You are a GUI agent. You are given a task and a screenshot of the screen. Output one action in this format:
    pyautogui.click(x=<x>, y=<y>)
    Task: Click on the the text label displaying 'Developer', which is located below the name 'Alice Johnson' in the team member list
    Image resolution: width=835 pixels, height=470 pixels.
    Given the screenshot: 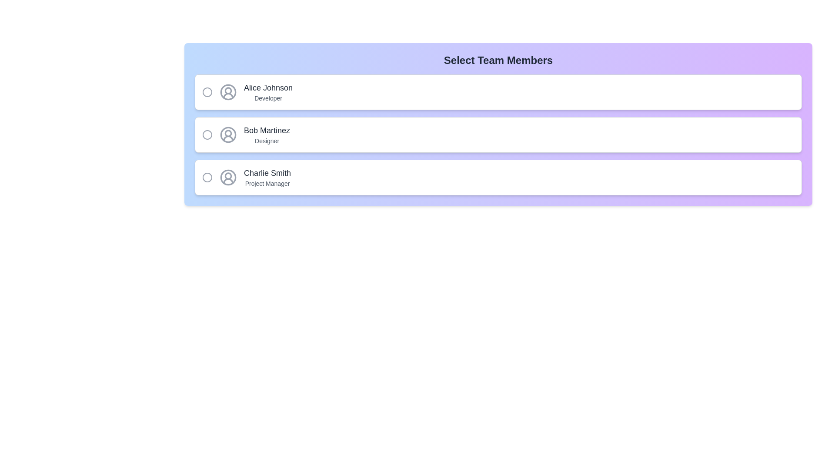 What is the action you would take?
    pyautogui.click(x=268, y=98)
    